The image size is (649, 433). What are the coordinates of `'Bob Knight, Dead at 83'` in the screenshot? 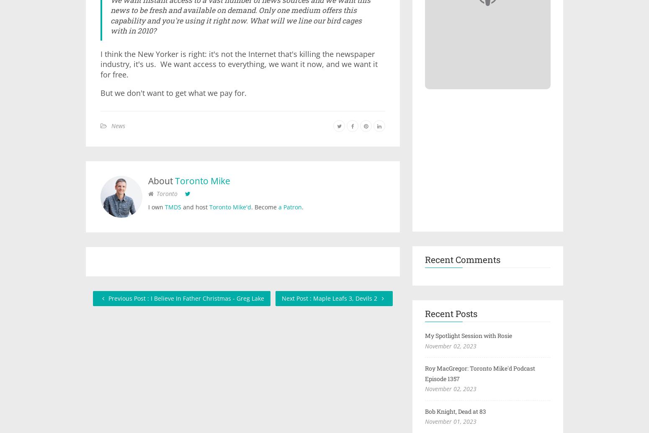 It's located at (425, 410).